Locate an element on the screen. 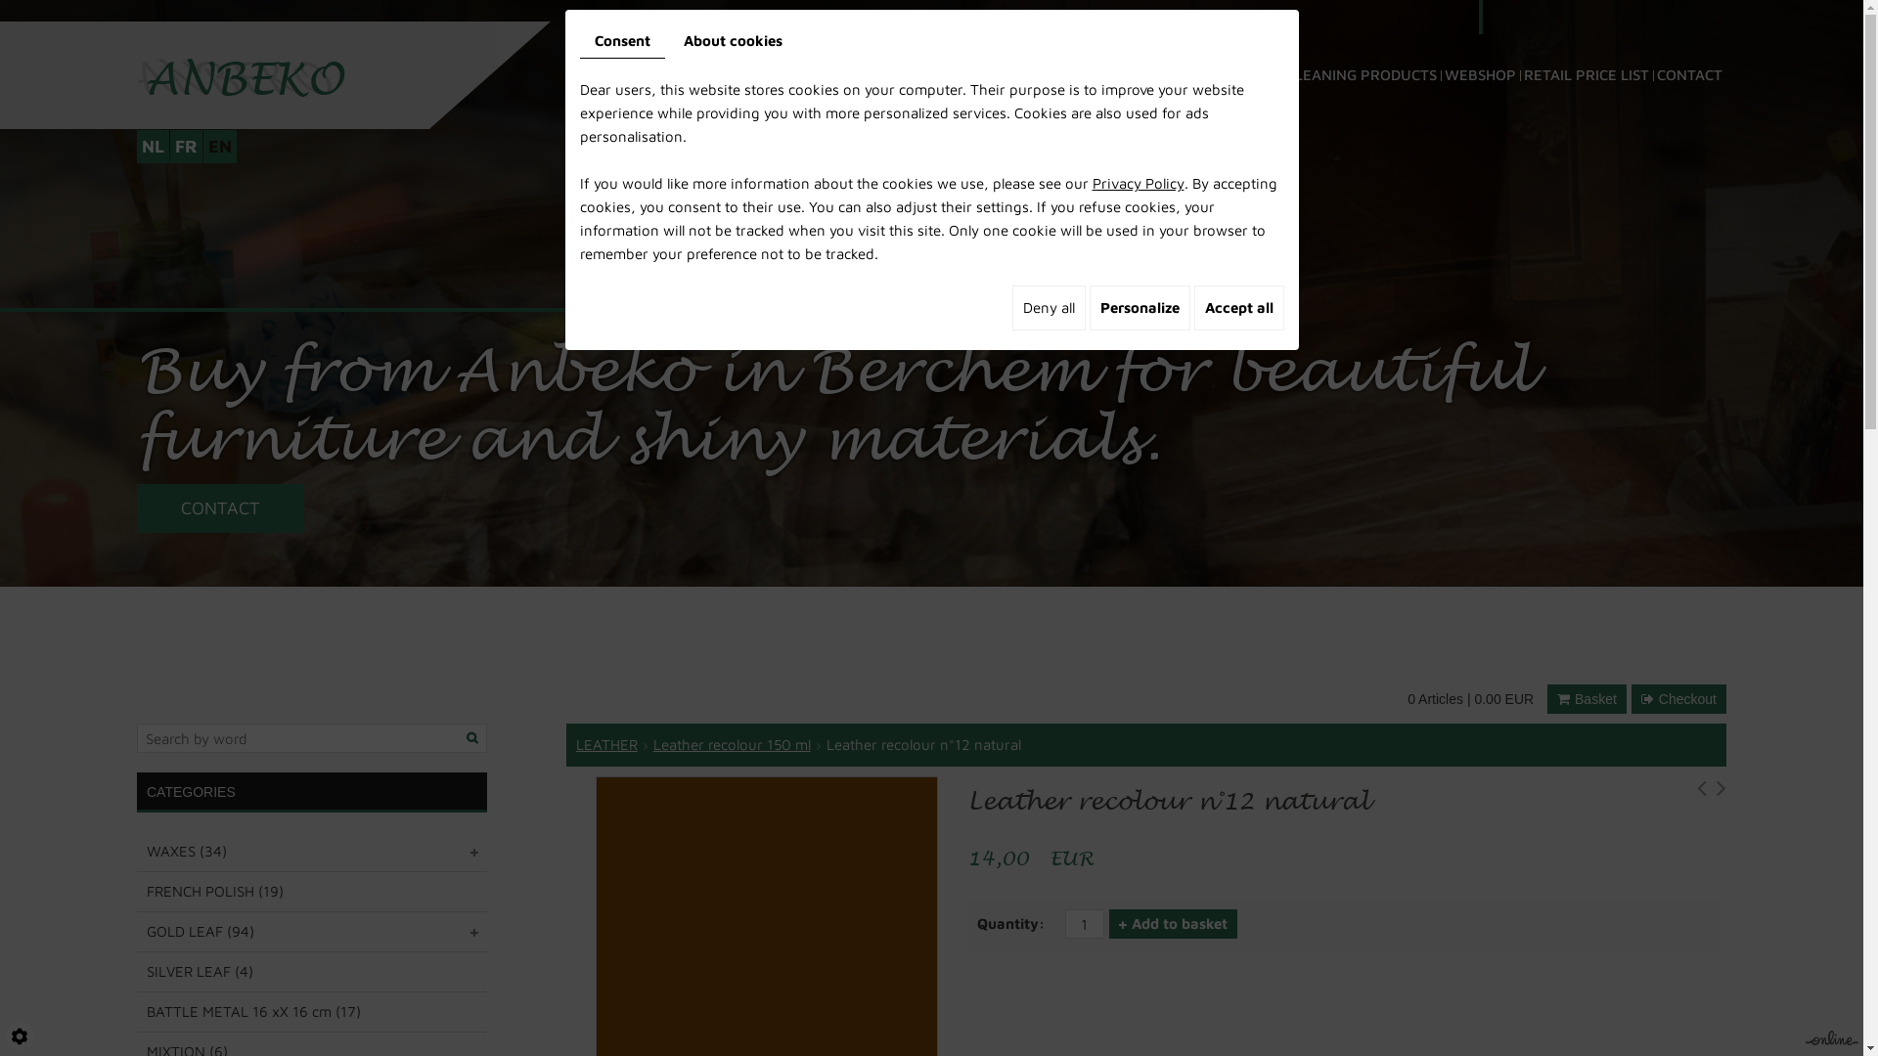 Image resolution: width=1878 pixels, height=1056 pixels. 'Anbeko - Restoratieproducten' is located at coordinates (240, 74).